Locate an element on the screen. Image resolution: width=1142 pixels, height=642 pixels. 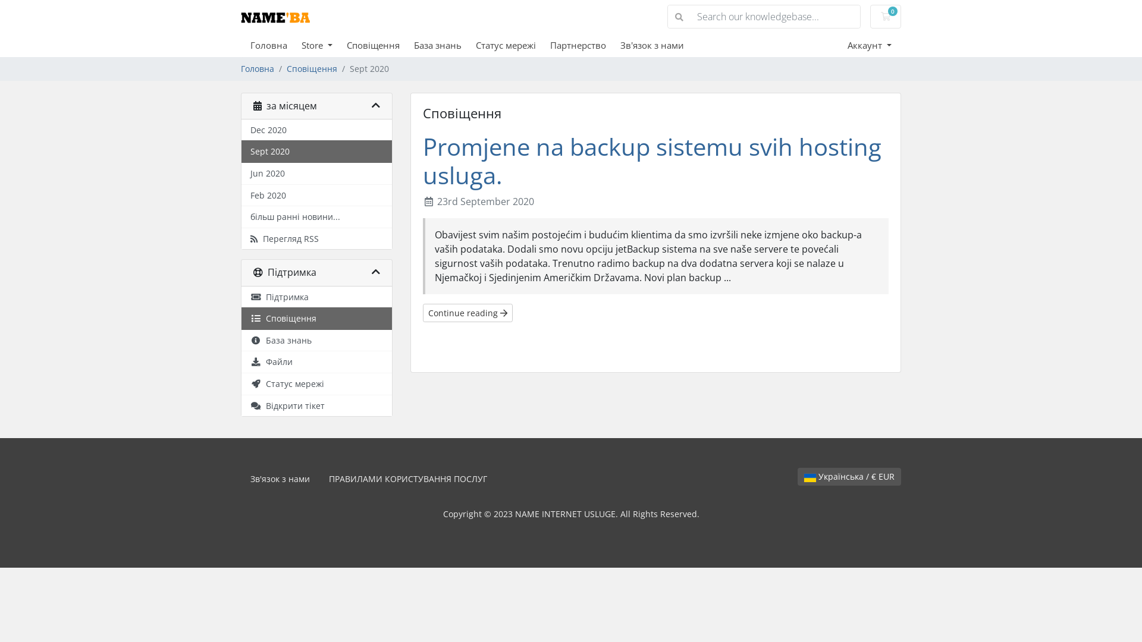
'Feb 2020' is located at coordinates (316, 195).